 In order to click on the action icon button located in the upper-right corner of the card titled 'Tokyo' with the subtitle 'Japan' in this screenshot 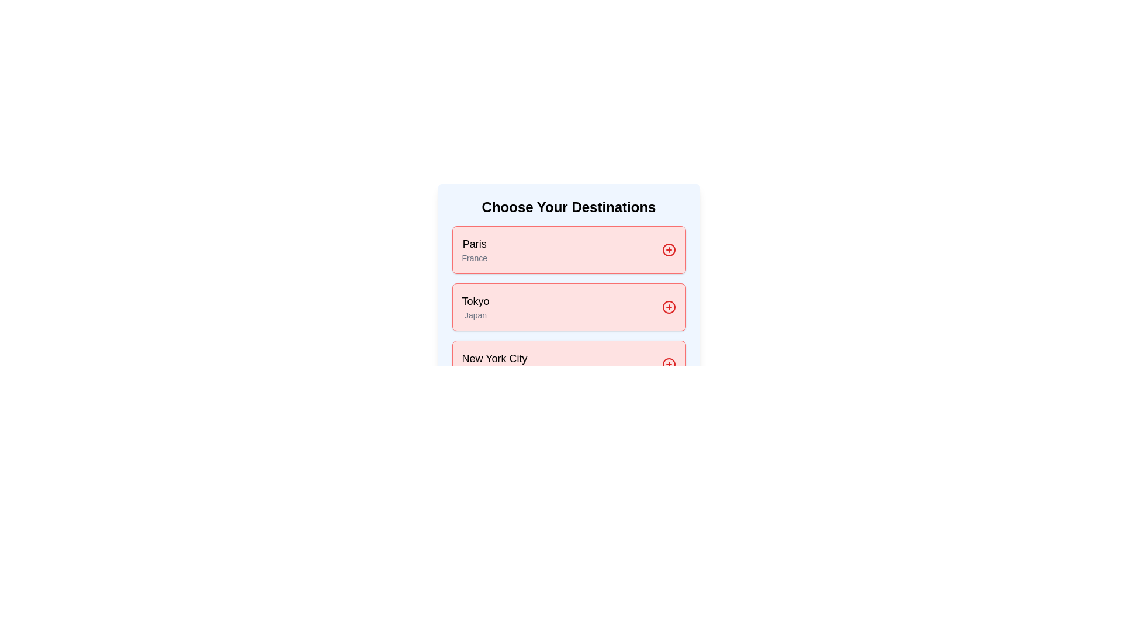, I will do `click(669, 306)`.